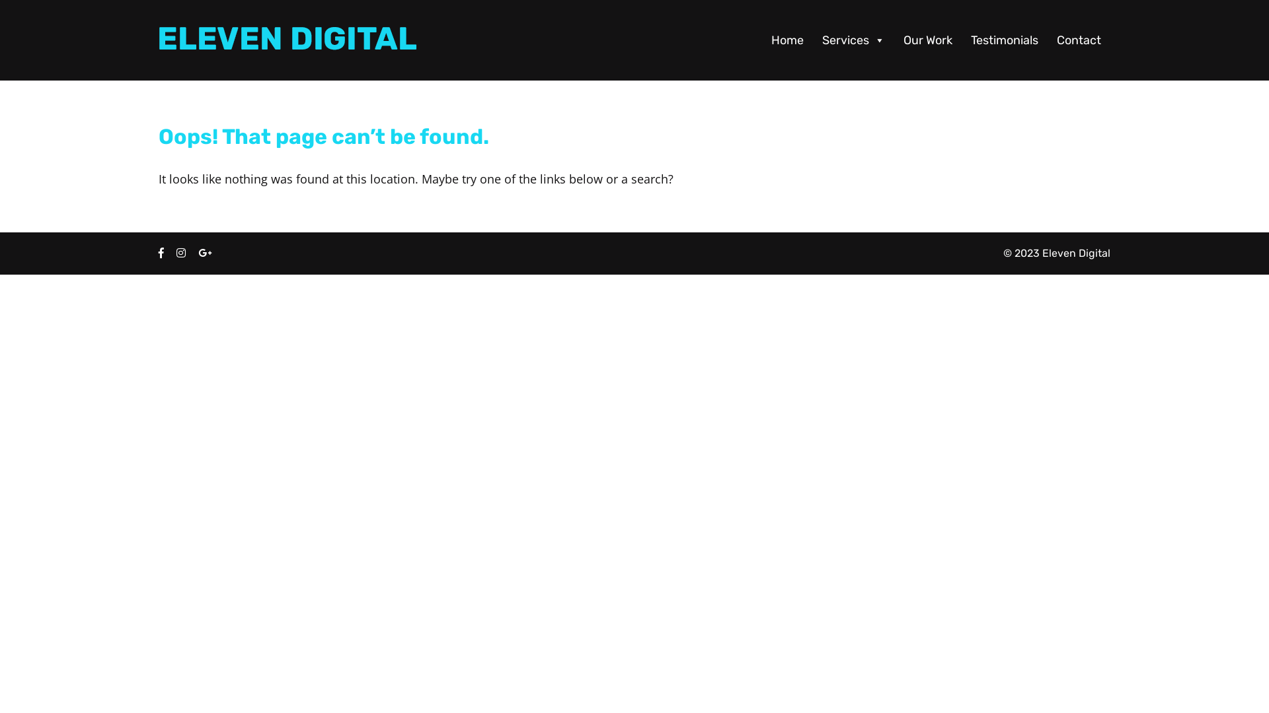 This screenshot has width=1269, height=713. Describe the element at coordinates (787, 40) in the screenshot. I see `'Home'` at that location.